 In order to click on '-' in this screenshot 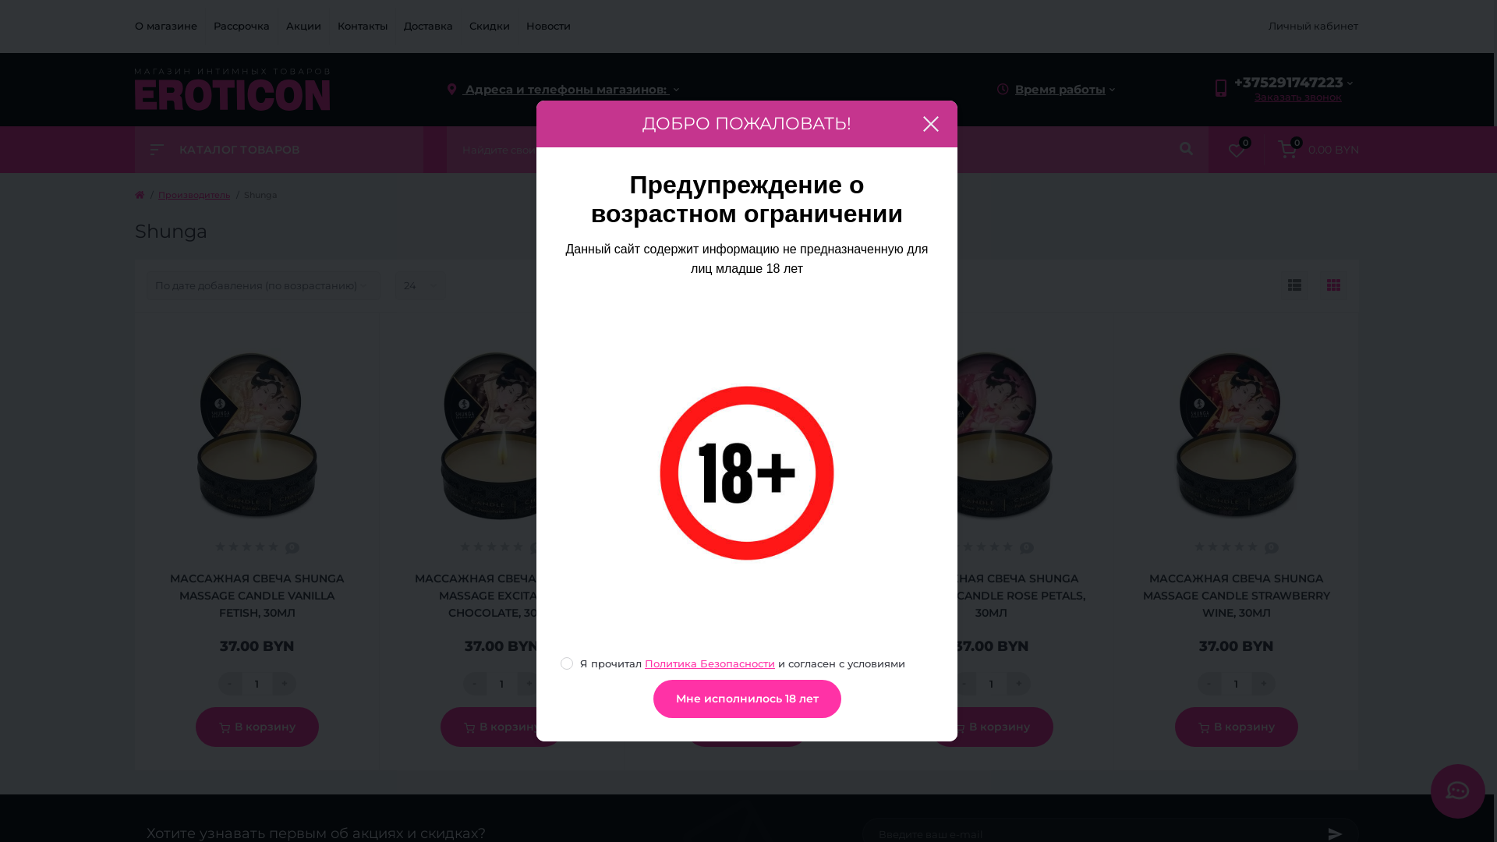, I will do `click(228, 682)`.